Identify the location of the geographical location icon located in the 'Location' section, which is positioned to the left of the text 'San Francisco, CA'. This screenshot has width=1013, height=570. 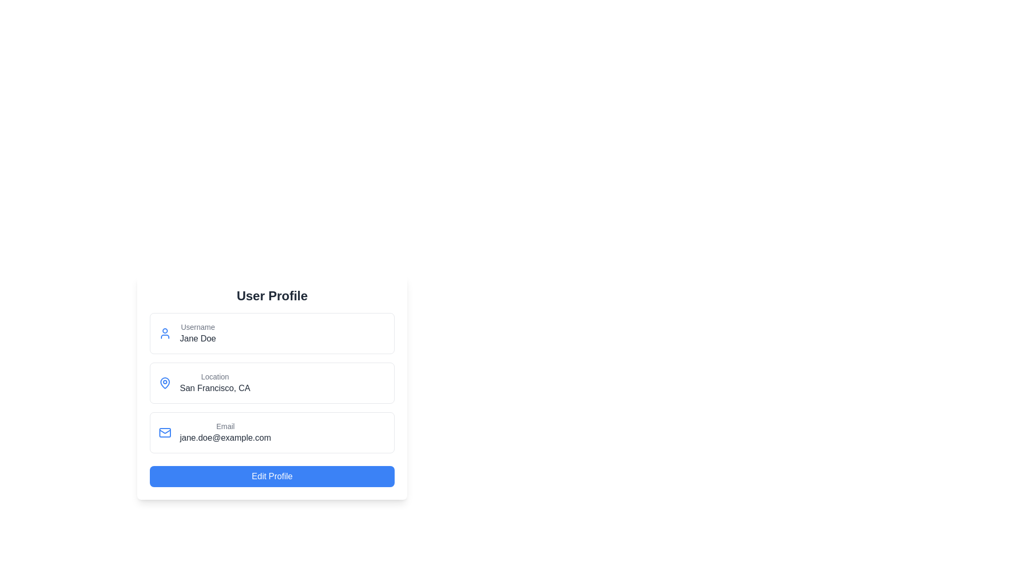
(164, 383).